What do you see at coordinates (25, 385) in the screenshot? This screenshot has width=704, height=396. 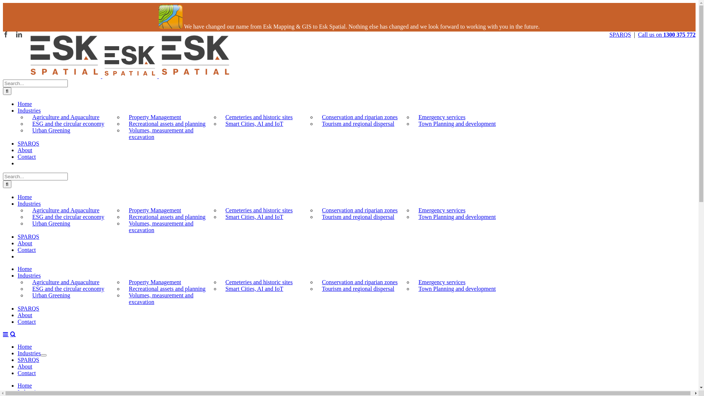 I see `'Home'` at bounding box center [25, 385].